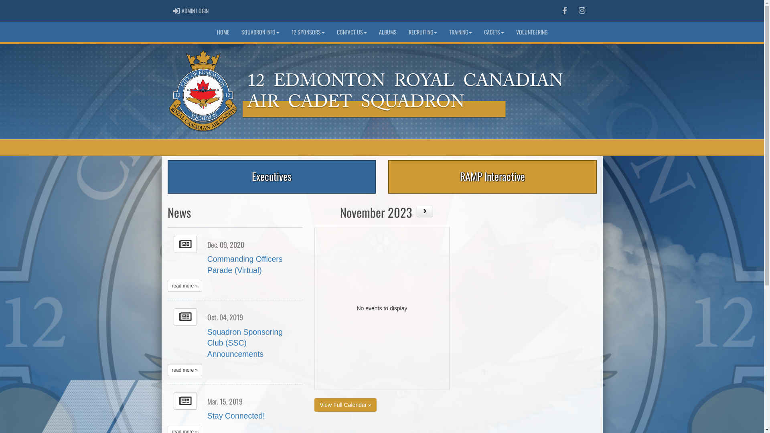 The width and height of the screenshot is (770, 433). I want to click on 'Login Page', so click(176, 11).